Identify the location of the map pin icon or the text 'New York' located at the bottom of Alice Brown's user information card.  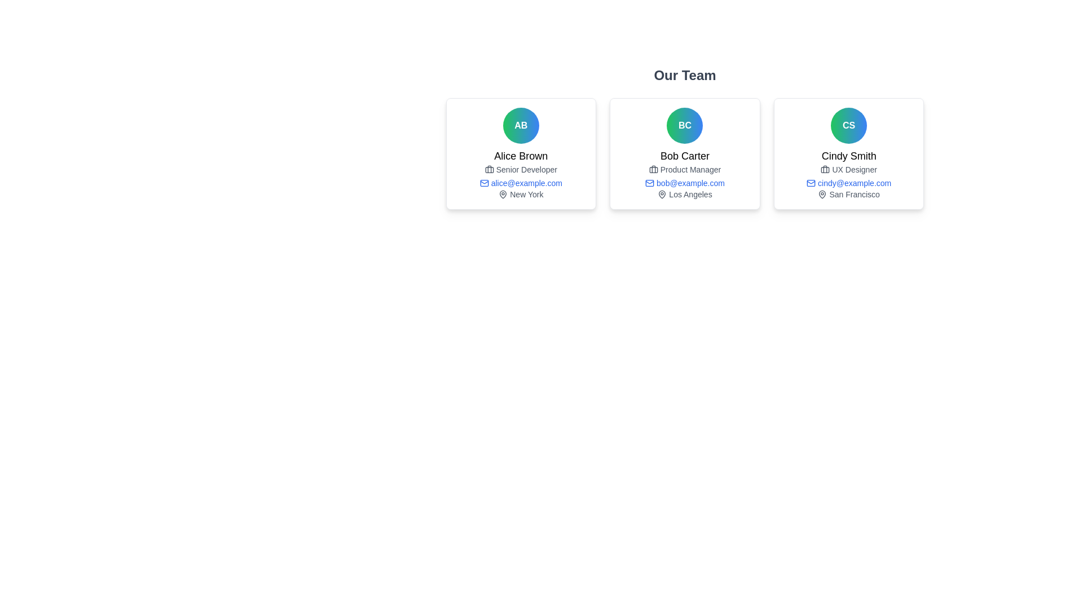
(520, 193).